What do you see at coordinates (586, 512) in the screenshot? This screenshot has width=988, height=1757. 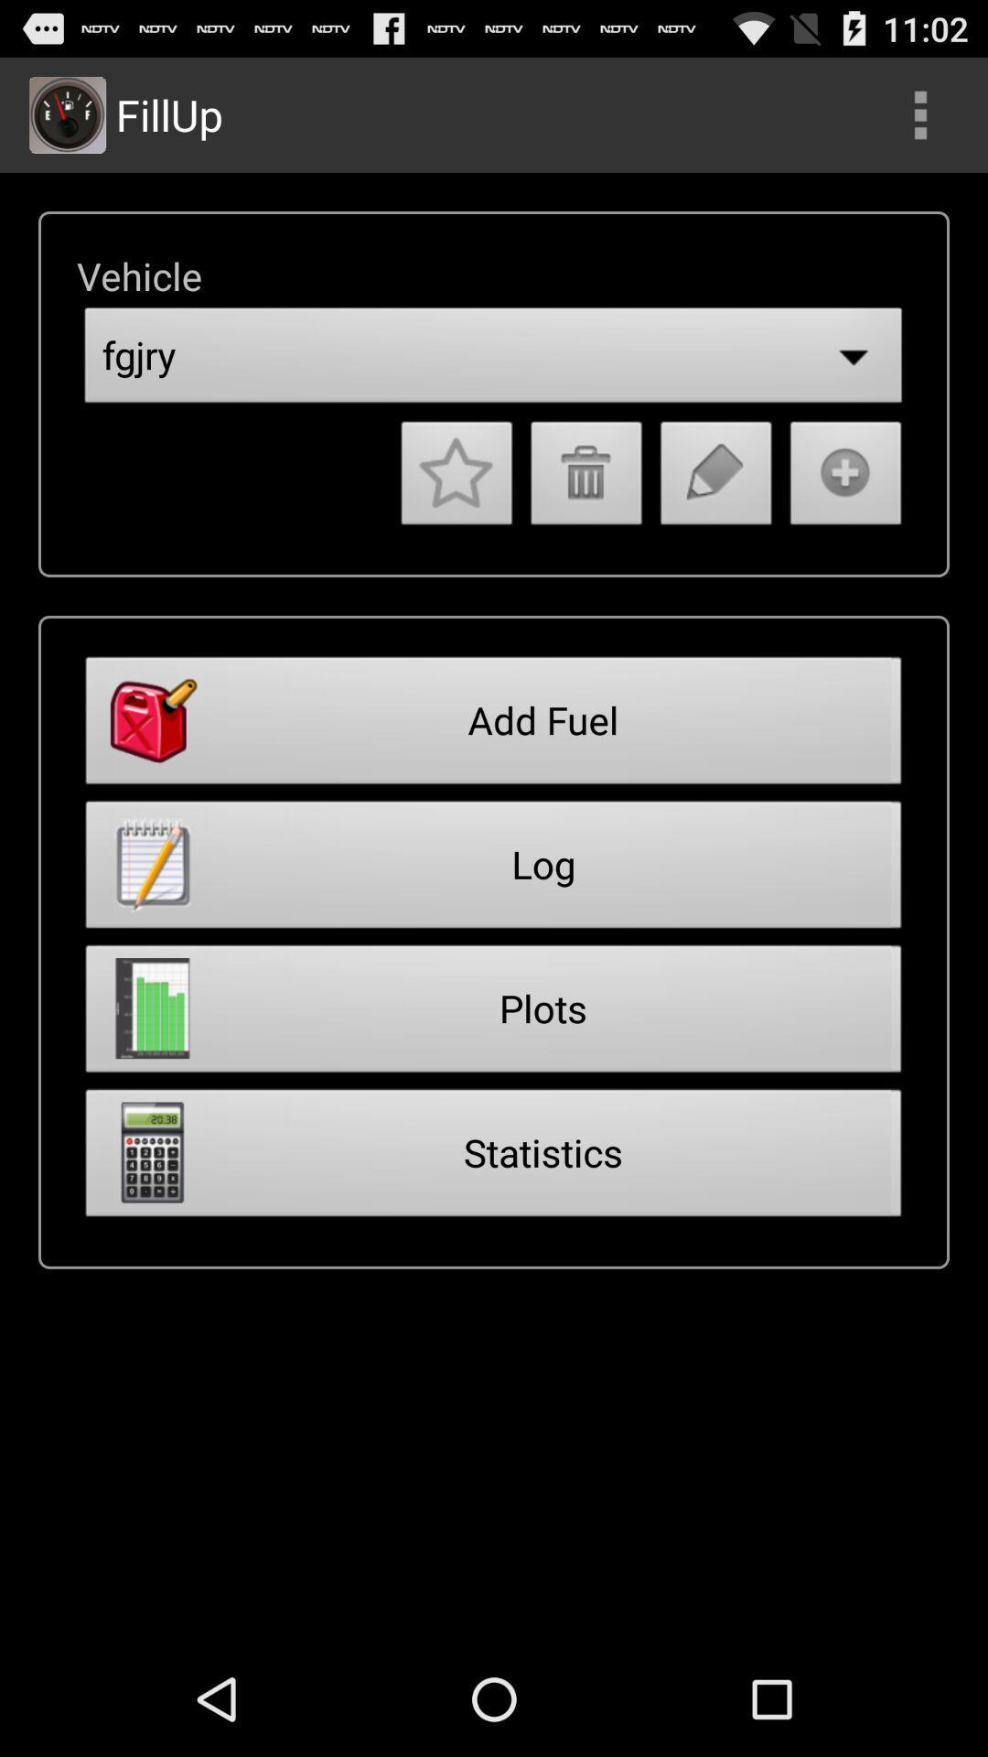 I see `the delete icon` at bounding box center [586, 512].